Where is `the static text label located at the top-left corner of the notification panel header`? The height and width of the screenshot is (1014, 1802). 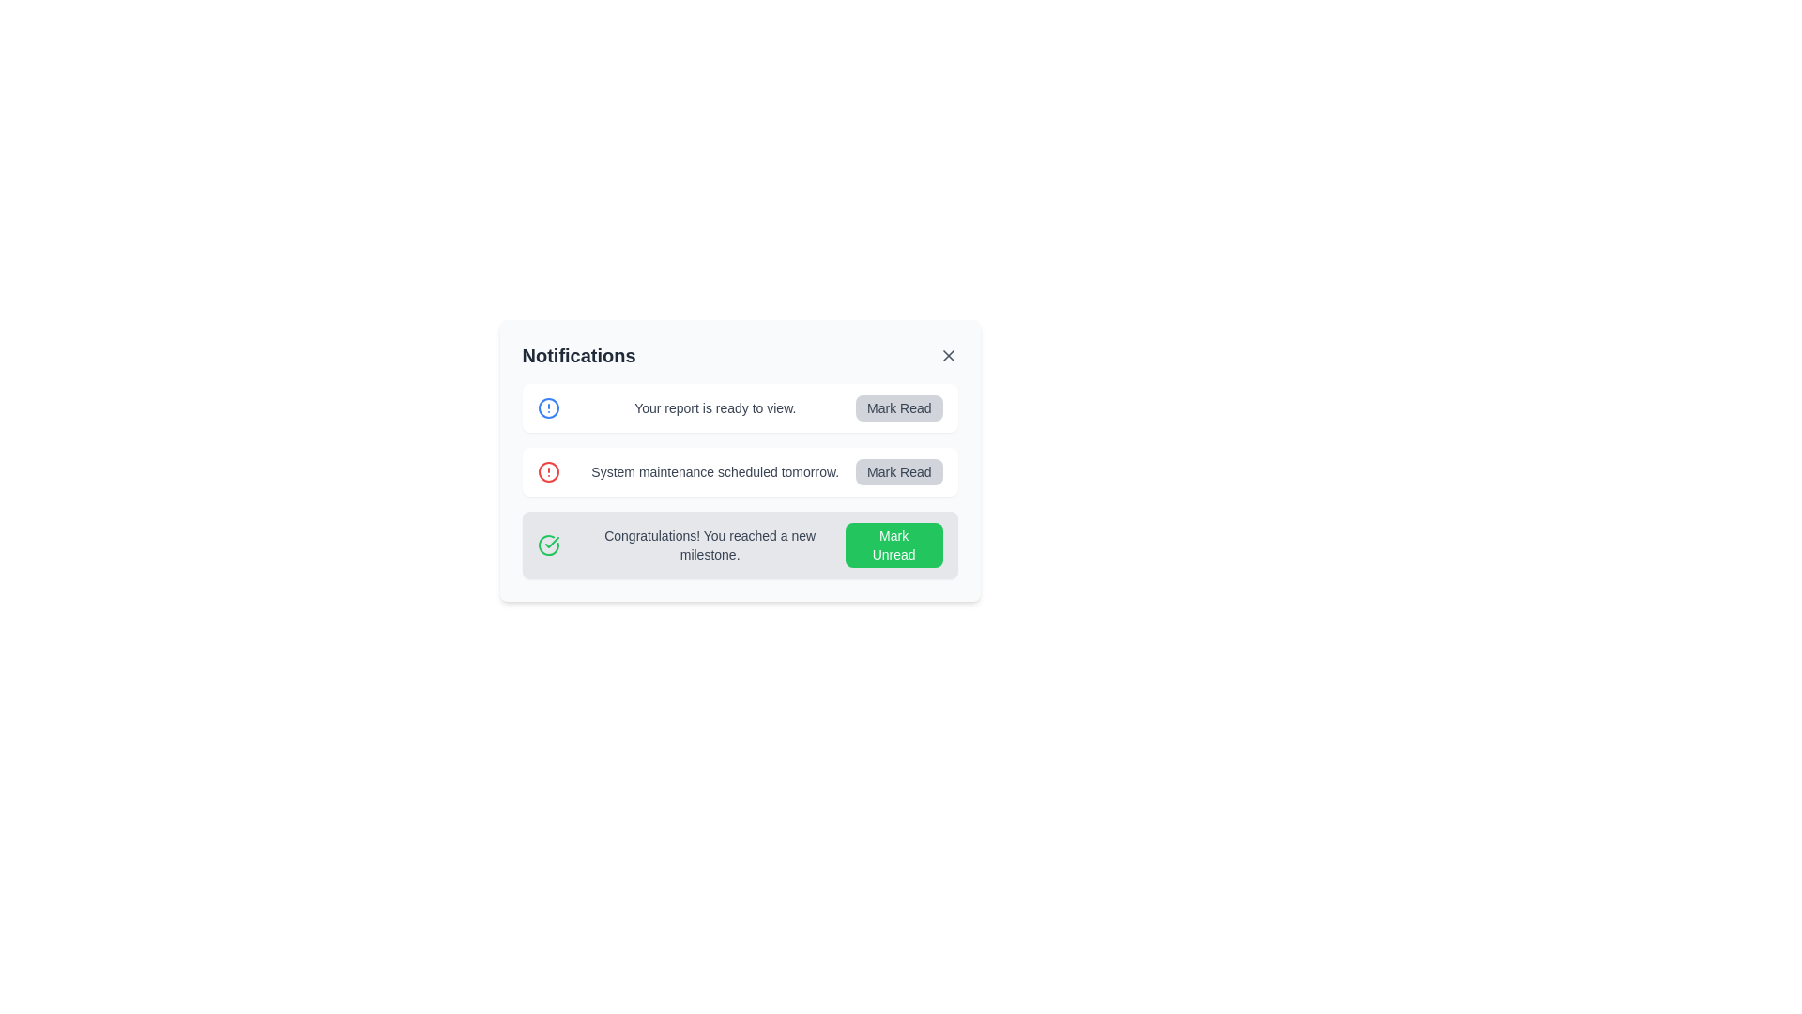
the static text label located at the top-left corner of the notification panel header is located at coordinates (578, 355).